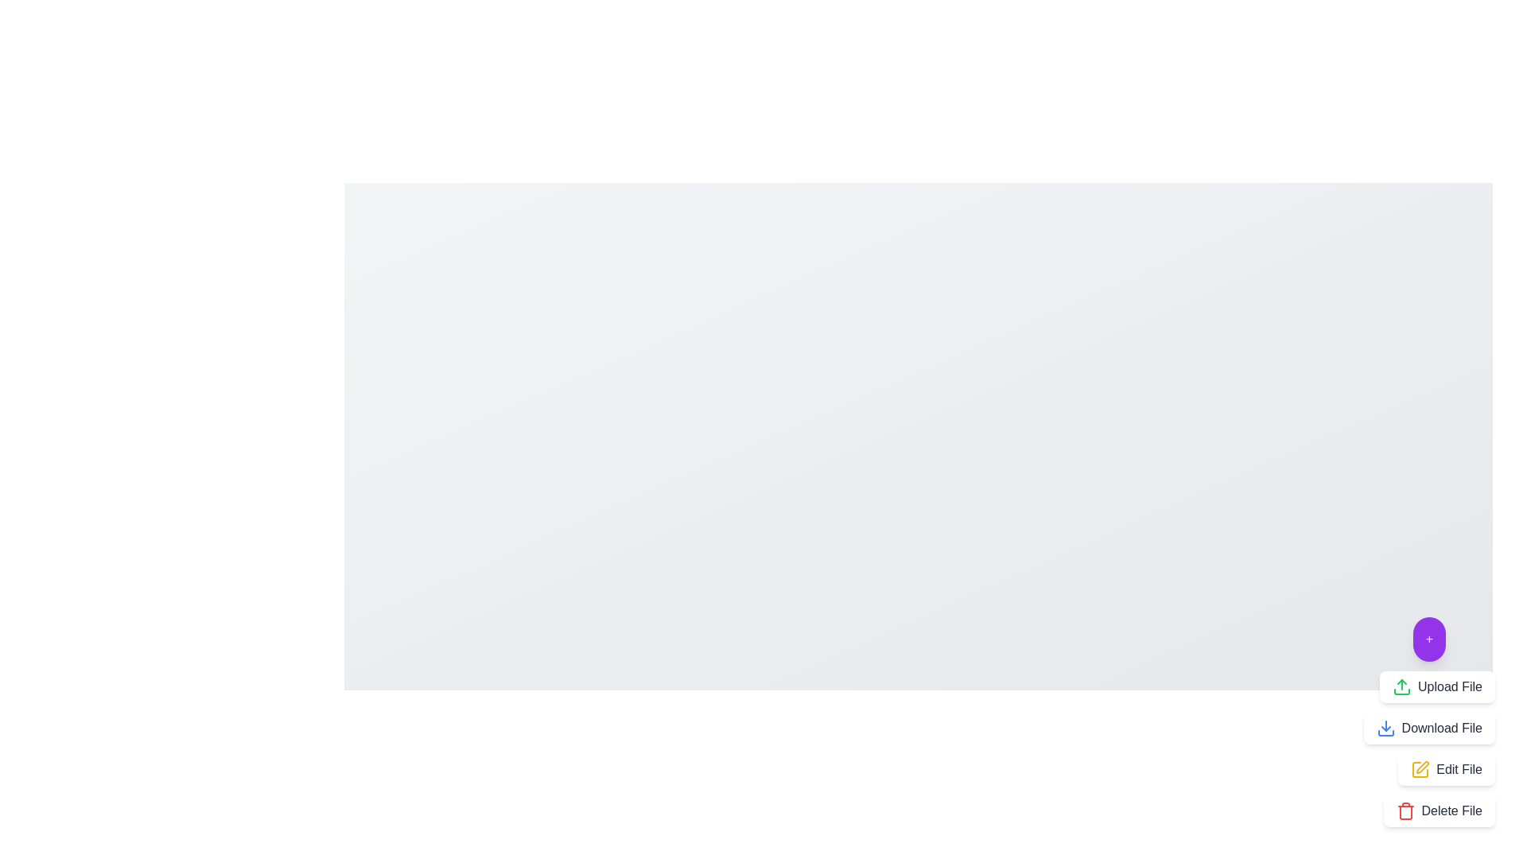 The height and width of the screenshot is (859, 1527). I want to click on the 'Edit File' button to open the file editing interface, so click(1447, 769).